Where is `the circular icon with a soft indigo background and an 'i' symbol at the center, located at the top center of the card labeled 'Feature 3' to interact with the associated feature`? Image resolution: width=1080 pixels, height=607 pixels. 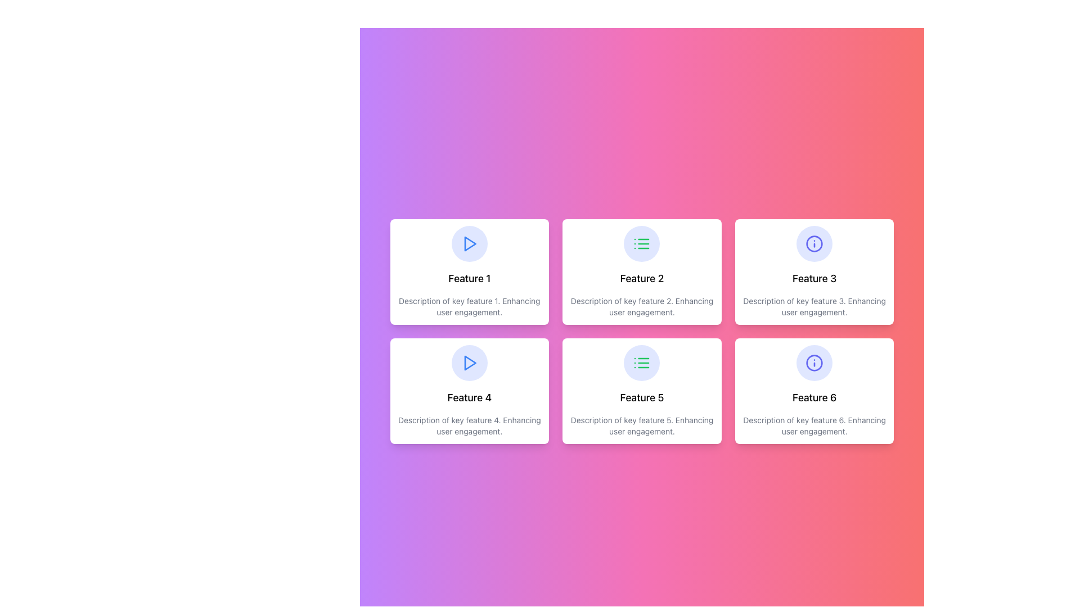 the circular icon with a soft indigo background and an 'i' symbol at the center, located at the top center of the card labeled 'Feature 3' to interact with the associated feature is located at coordinates (814, 243).